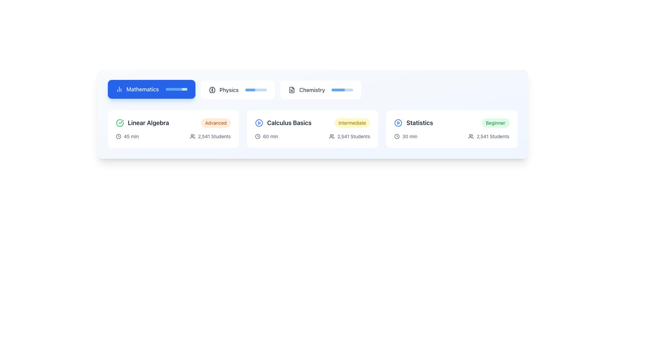 This screenshot has width=647, height=364. What do you see at coordinates (332, 136) in the screenshot?
I see `the SVG icon representing a group of people, which is located to the left of the text '2,541 Students' and aligned below 'Calculus Basics'` at bounding box center [332, 136].